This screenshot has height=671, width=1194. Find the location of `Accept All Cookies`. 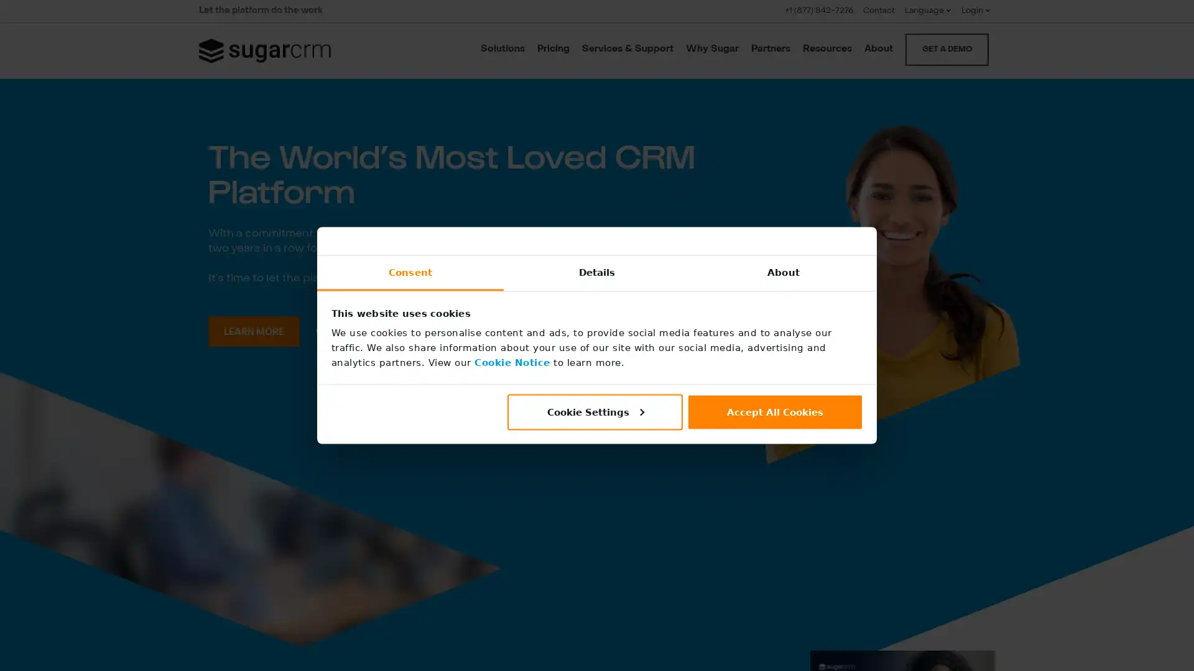

Accept All Cookies is located at coordinates (774, 412).